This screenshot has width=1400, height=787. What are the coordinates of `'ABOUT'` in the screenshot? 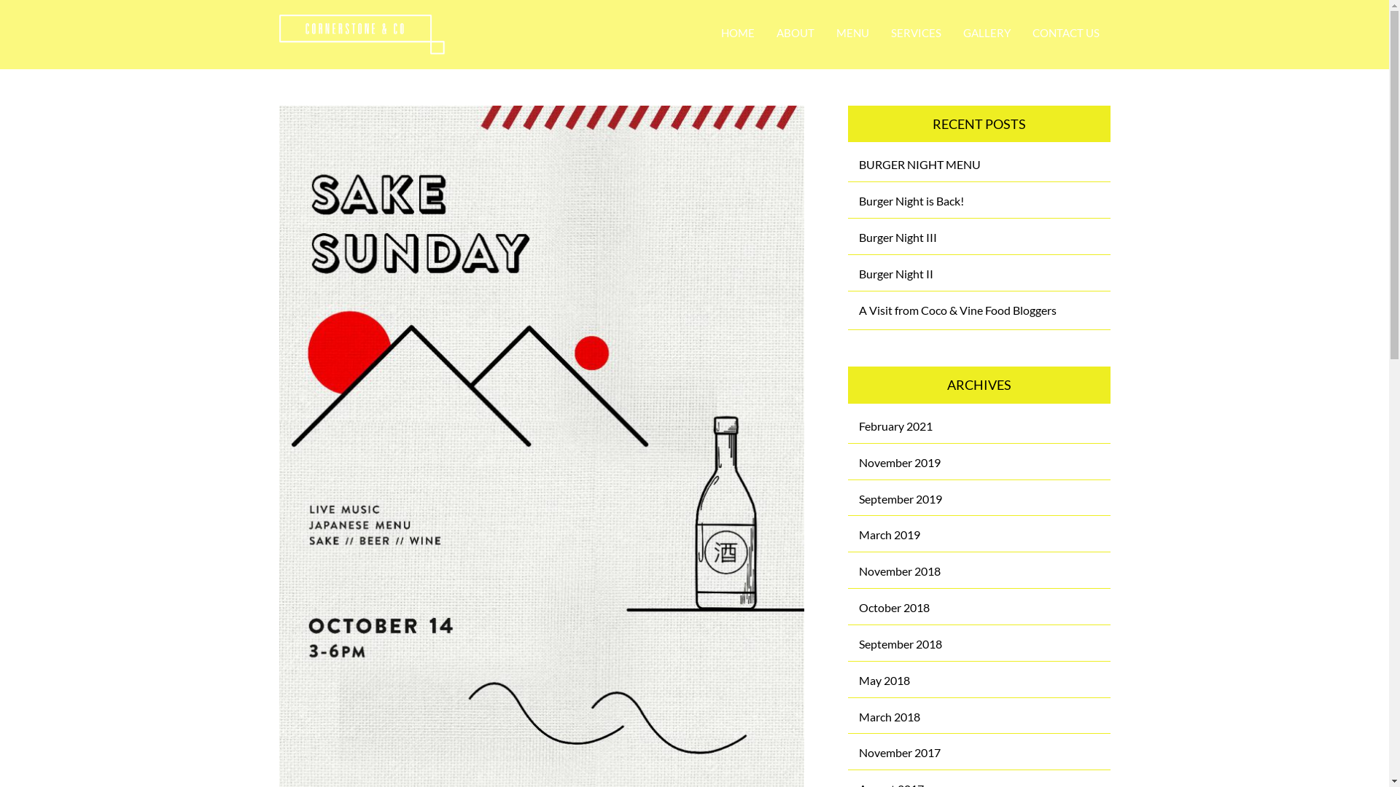 It's located at (794, 33).